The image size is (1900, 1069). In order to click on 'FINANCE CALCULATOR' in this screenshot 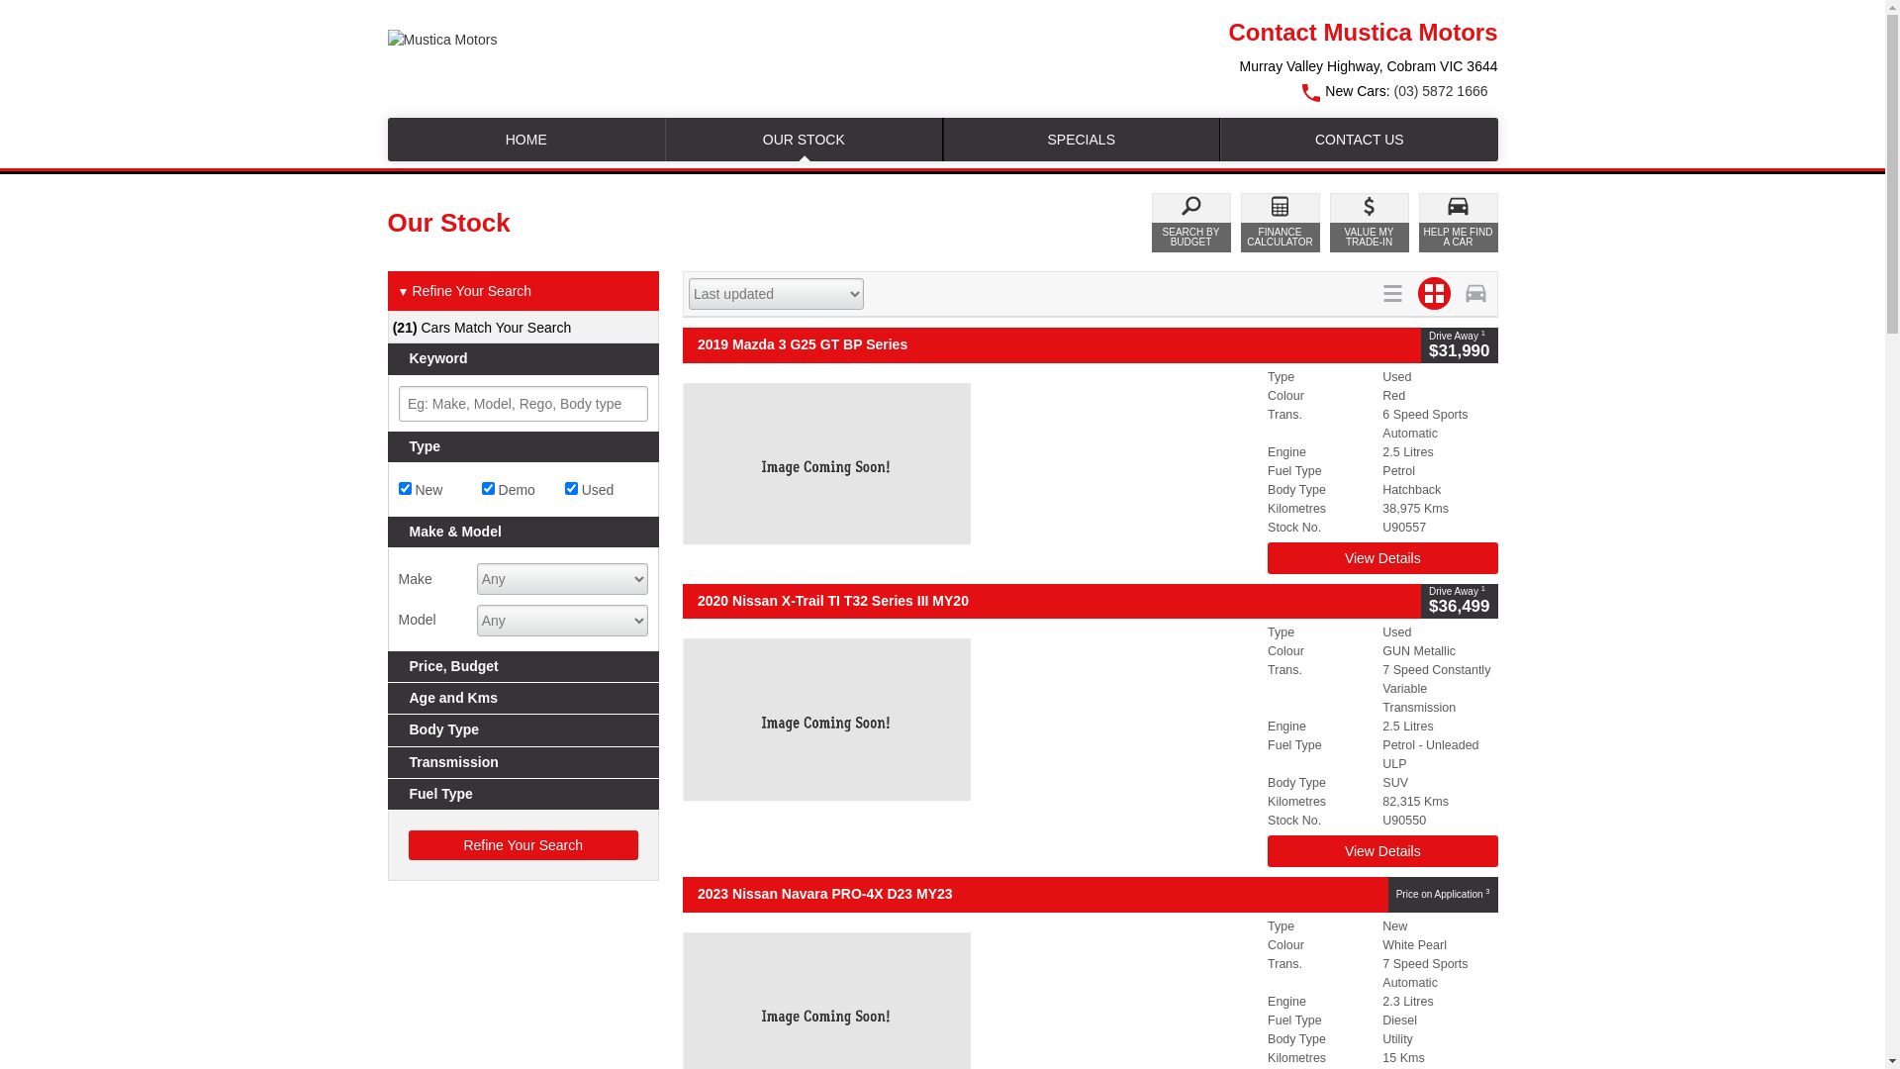, I will do `click(1281, 222)`.